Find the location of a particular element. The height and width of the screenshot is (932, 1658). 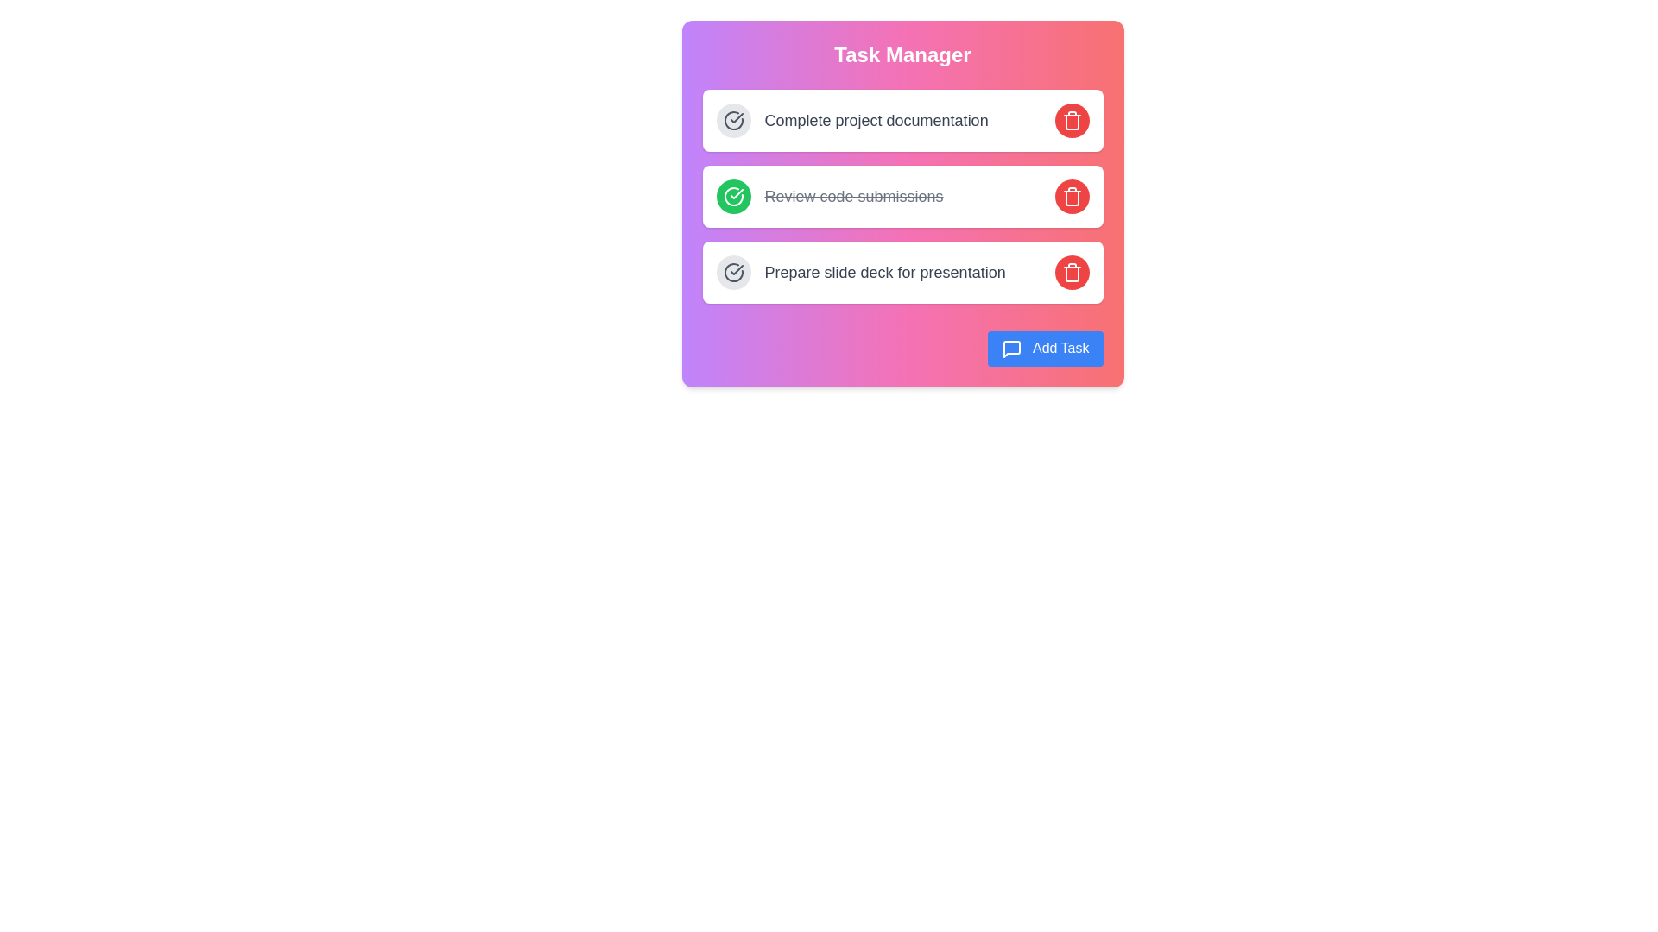

the circular button with a gray background and a check icon to possibly display additional information is located at coordinates (733, 119).